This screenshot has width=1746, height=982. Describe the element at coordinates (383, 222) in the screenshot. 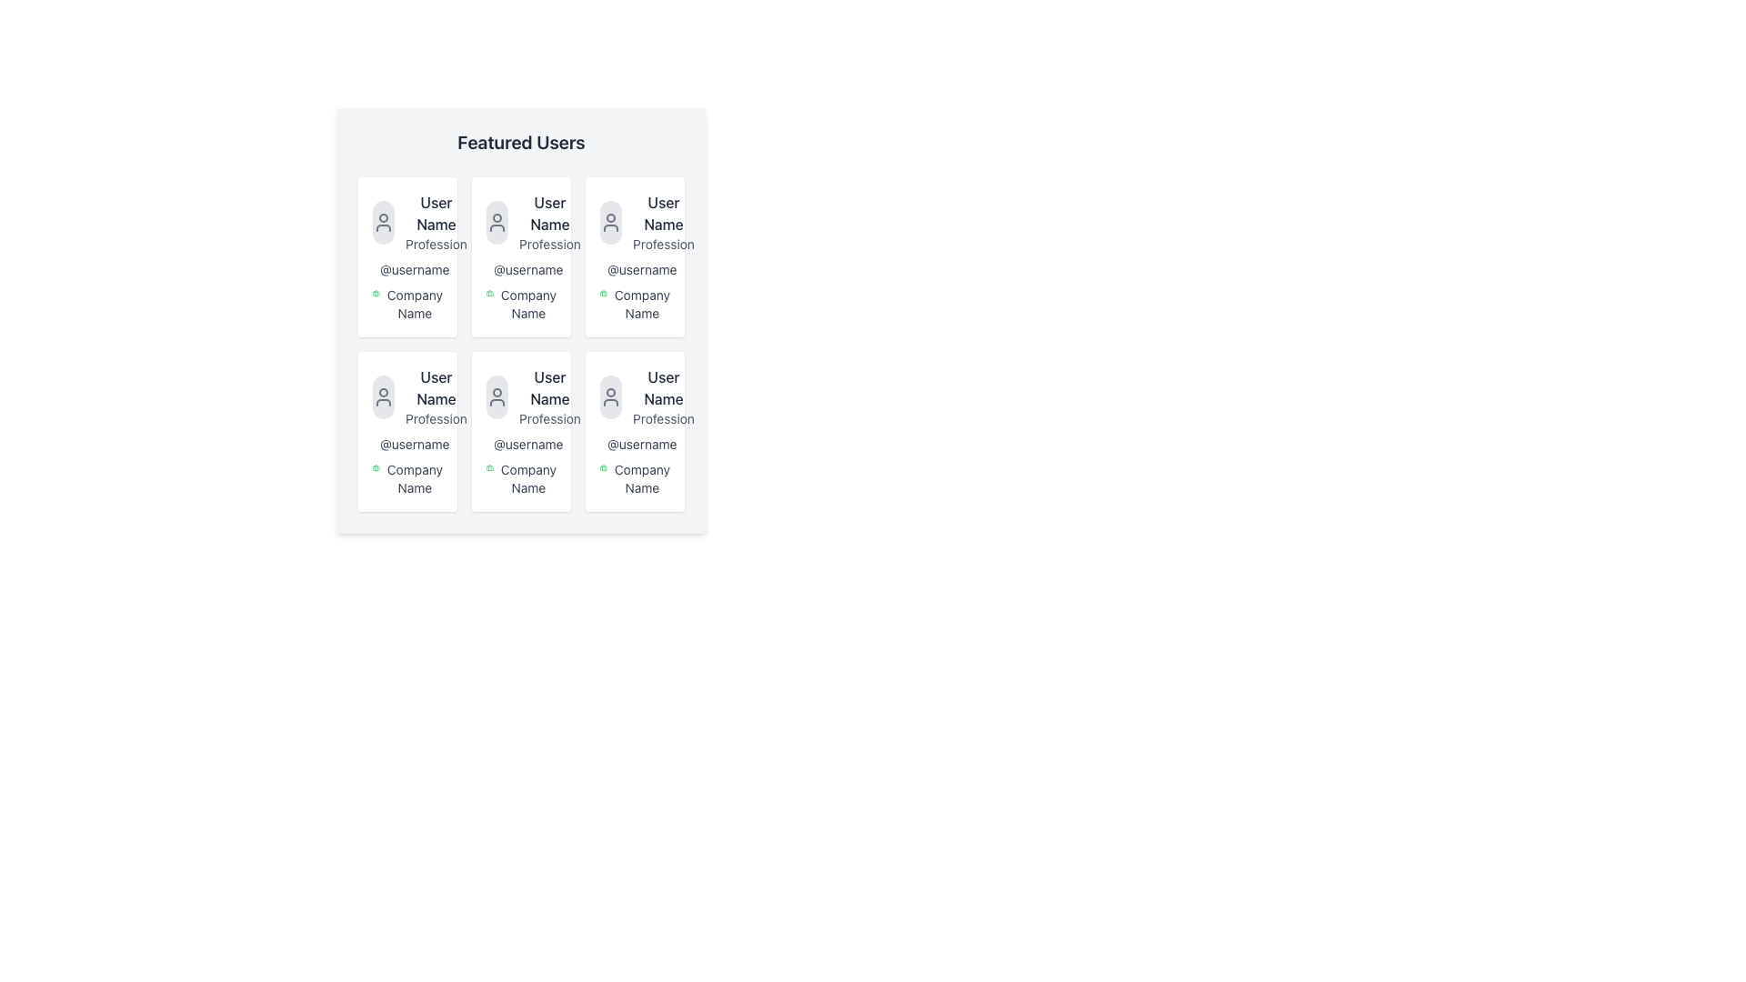

I see `the decorative user avatar placeholder located in the top-left cell of the three-column grid layout under the 'Featured Users' section` at that location.